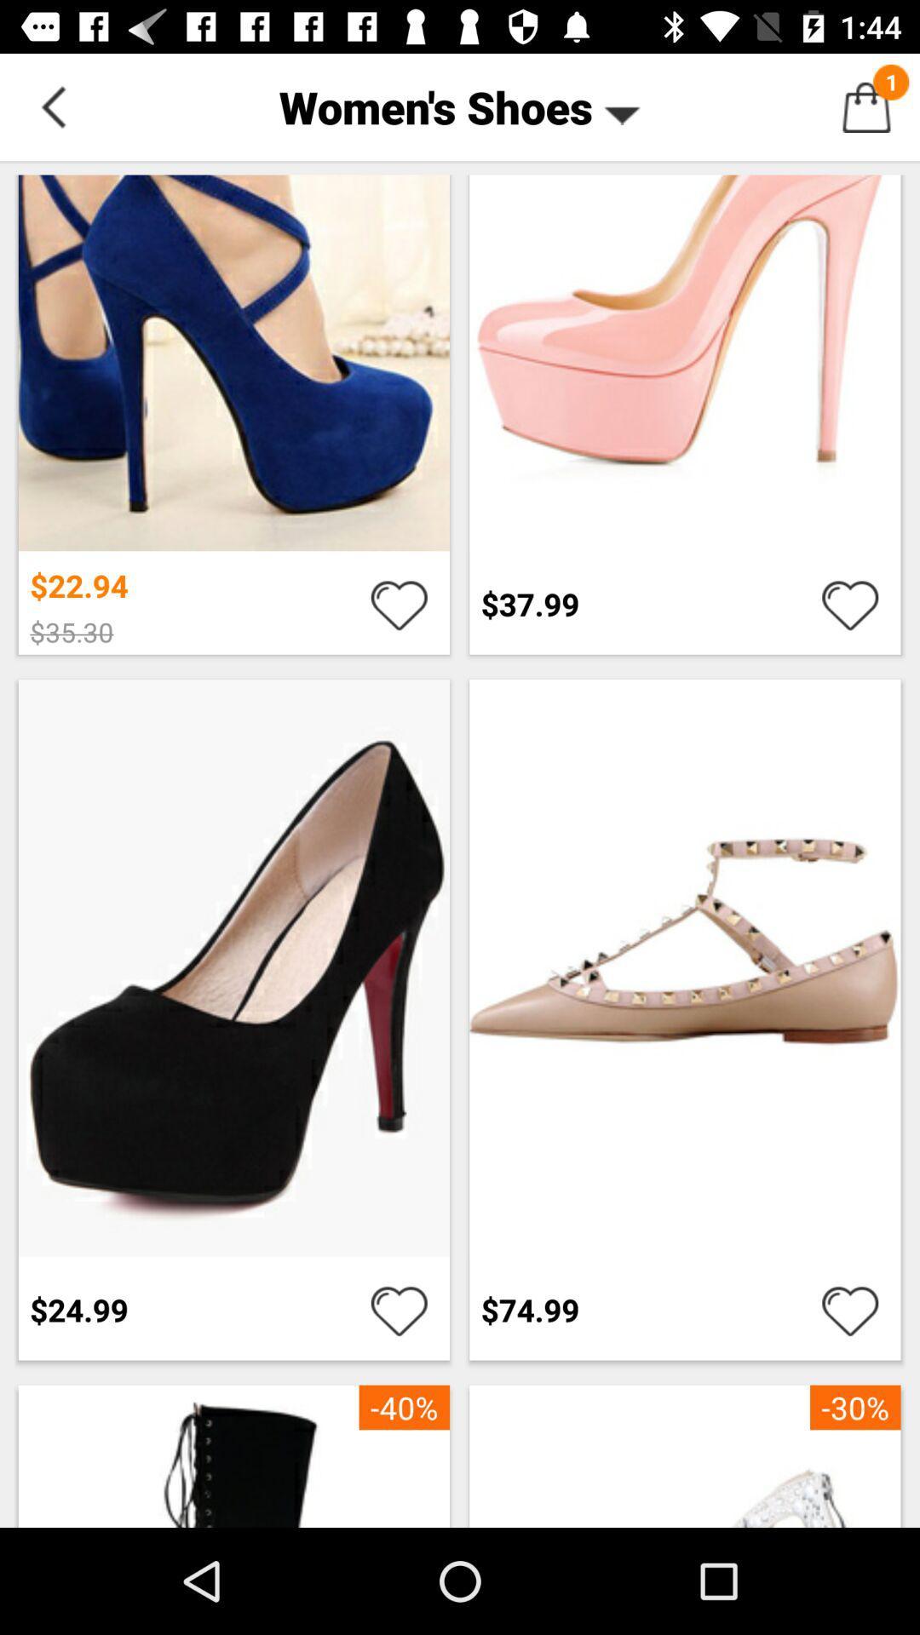  I want to click on text which is left to cart icon, so click(460, 106).